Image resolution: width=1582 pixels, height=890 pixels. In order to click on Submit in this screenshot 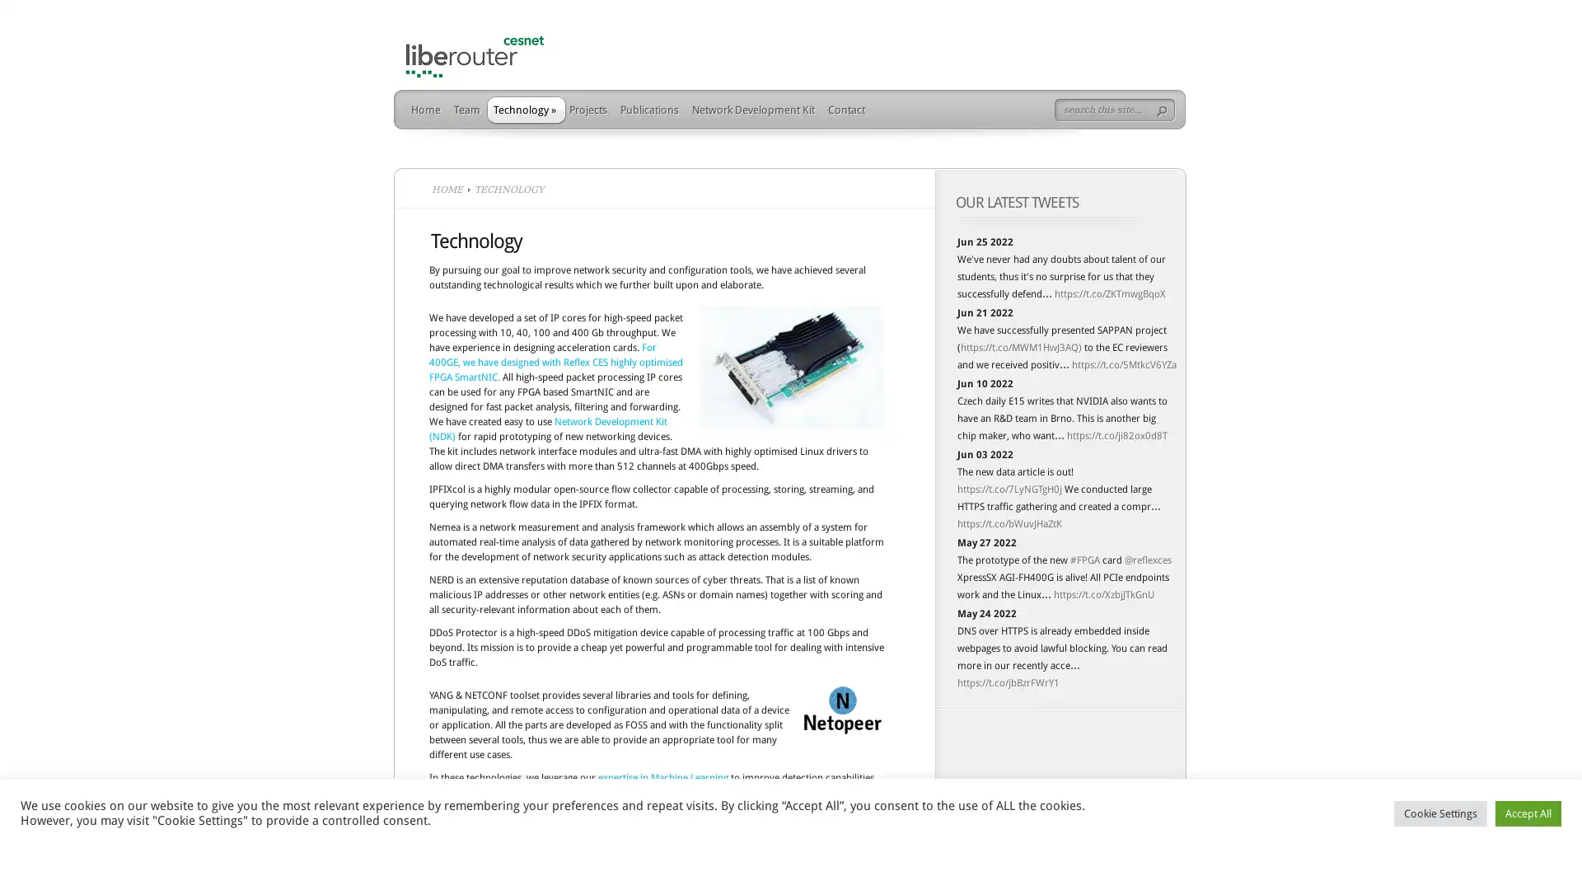, I will do `click(1165, 111)`.